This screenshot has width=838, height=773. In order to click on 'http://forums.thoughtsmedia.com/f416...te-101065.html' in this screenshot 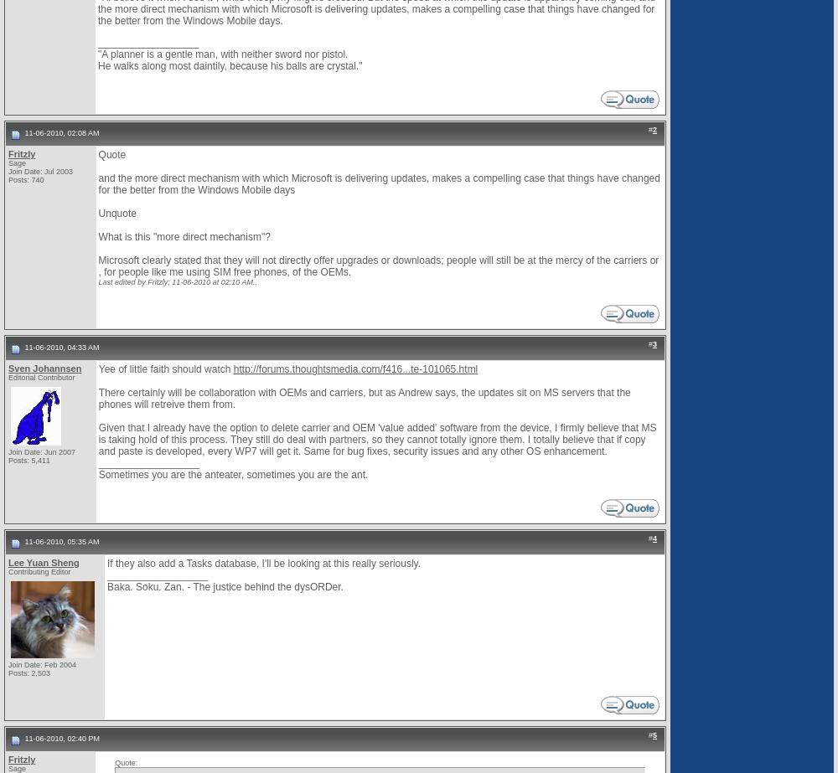, I will do `click(355, 369)`.